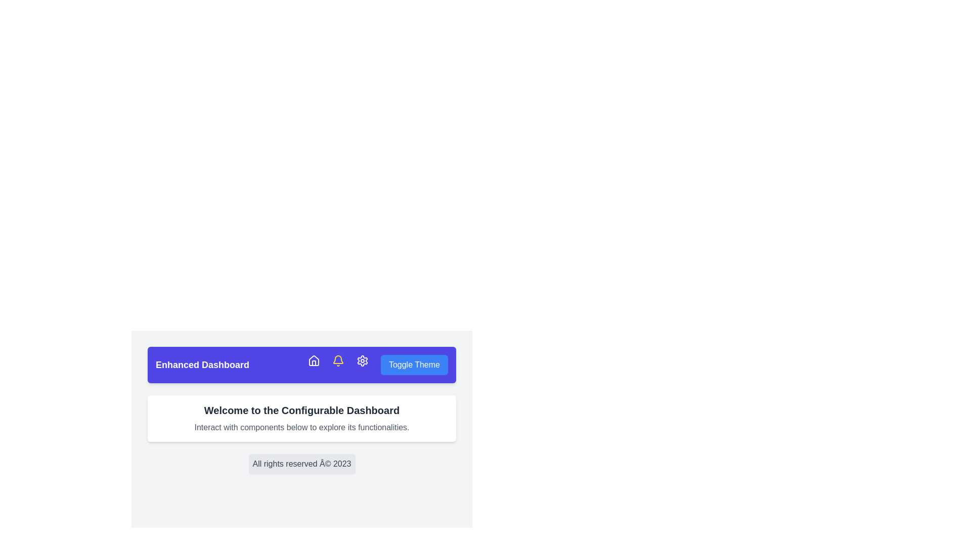 The height and width of the screenshot is (546, 971). What do you see at coordinates (301, 365) in the screenshot?
I see `the Navigation bar section` at bounding box center [301, 365].